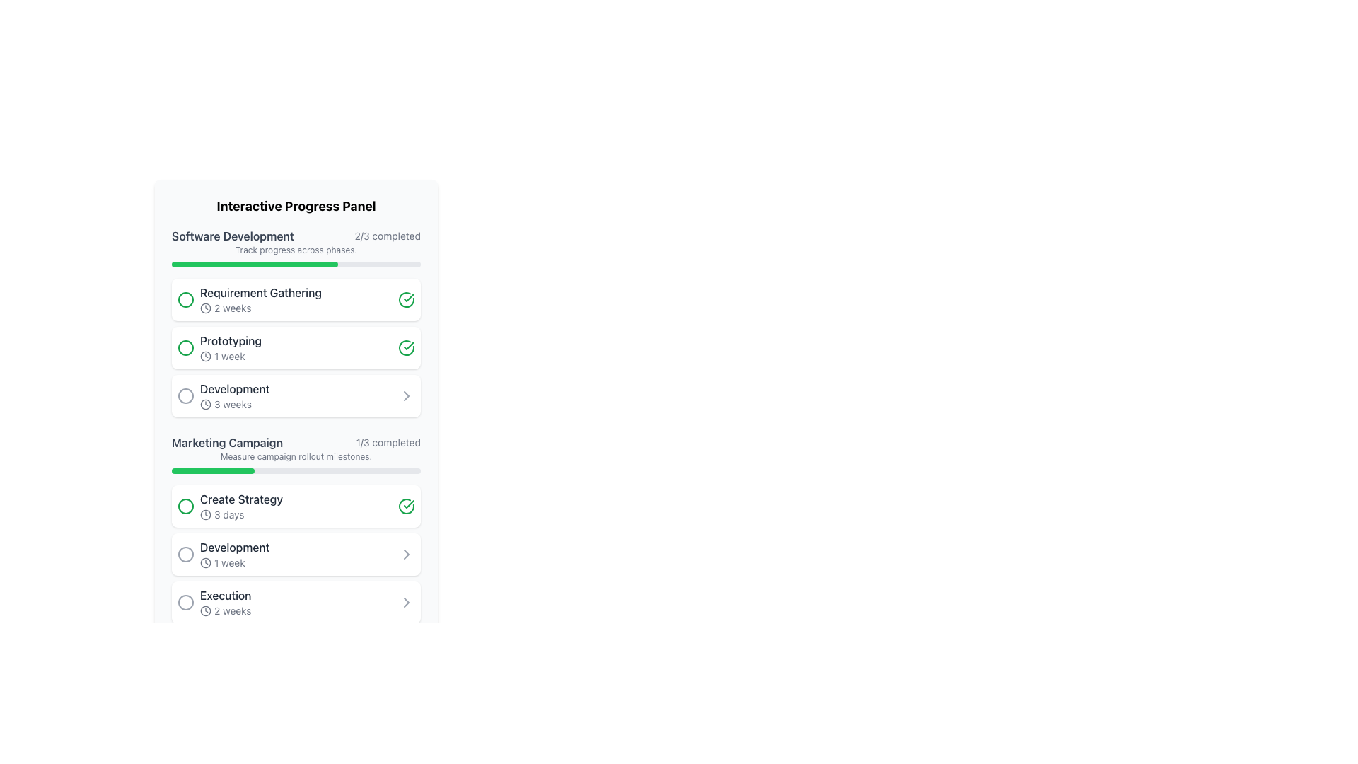 This screenshot has width=1358, height=764. Describe the element at coordinates (235, 404) in the screenshot. I see `the informational label displaying '3 weeks' with a clock icon, located within the 'Development' row of the 'Software Development' section` at that location.